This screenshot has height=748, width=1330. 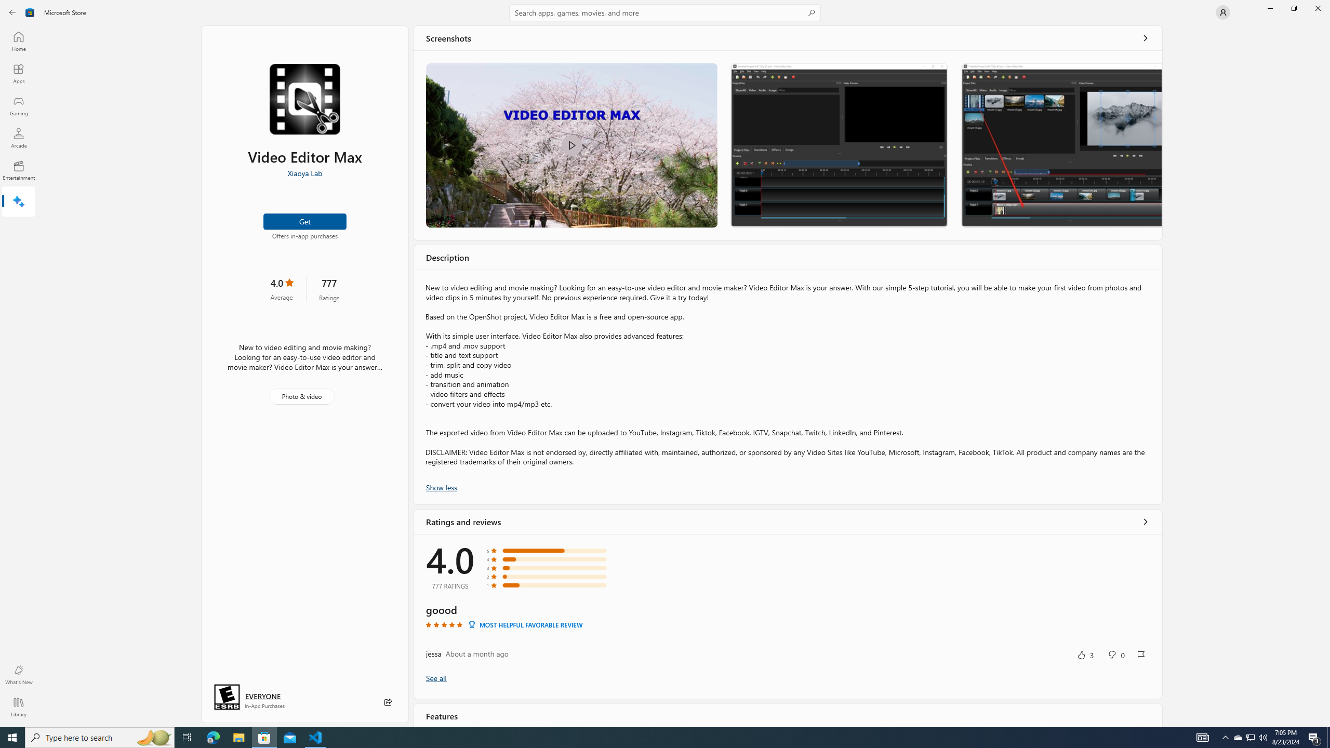 What do you see at coordinates (1317, 8) in the screenshot?
I see `'Close Microsoft Store'` at bounding box center [1317, 8].